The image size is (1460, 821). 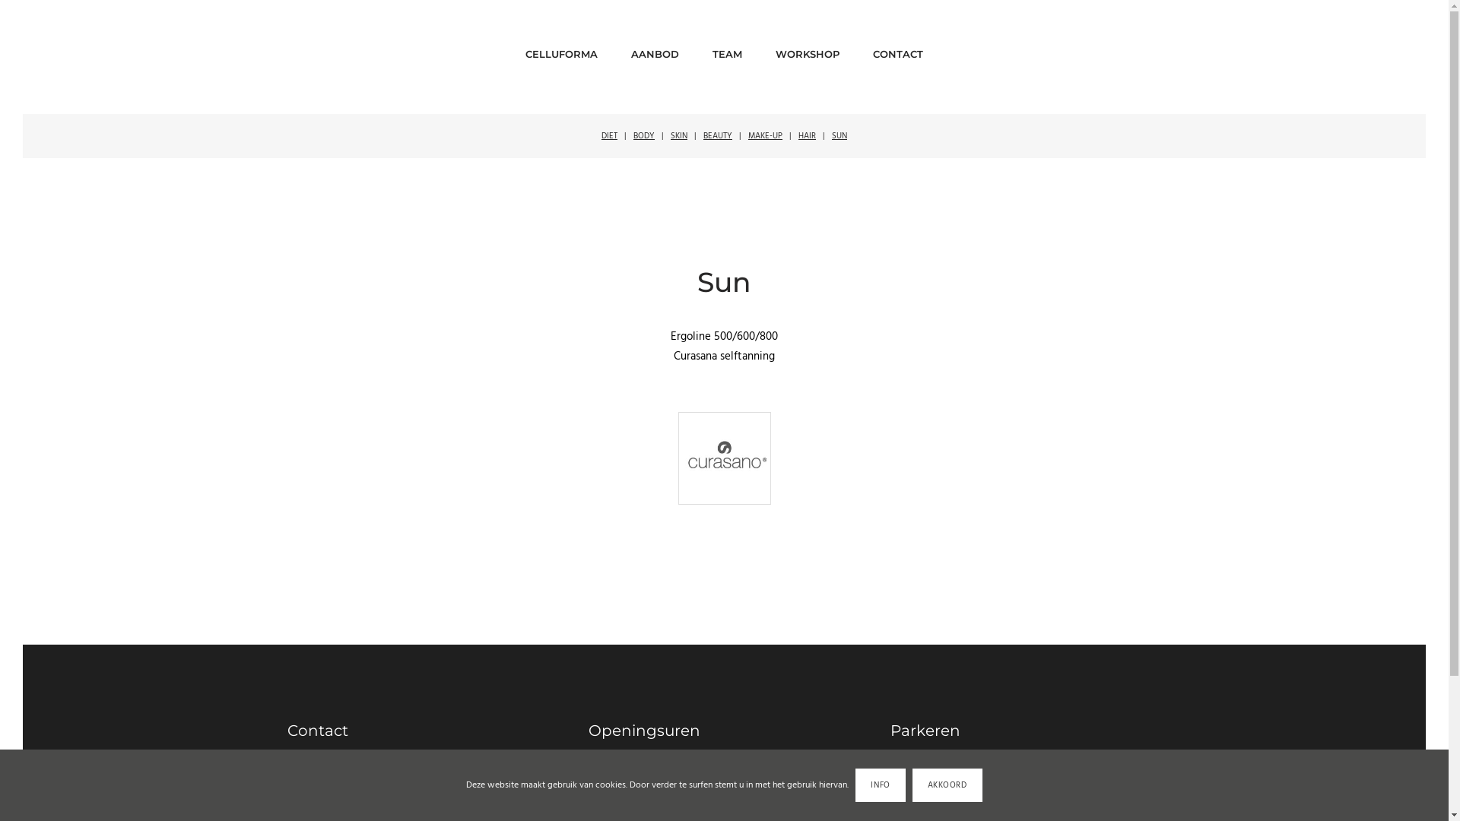 What do you see at coordinates (897, 49) in the screenshot?
I see `'CONTACT'` at bounding box center [897, 49].